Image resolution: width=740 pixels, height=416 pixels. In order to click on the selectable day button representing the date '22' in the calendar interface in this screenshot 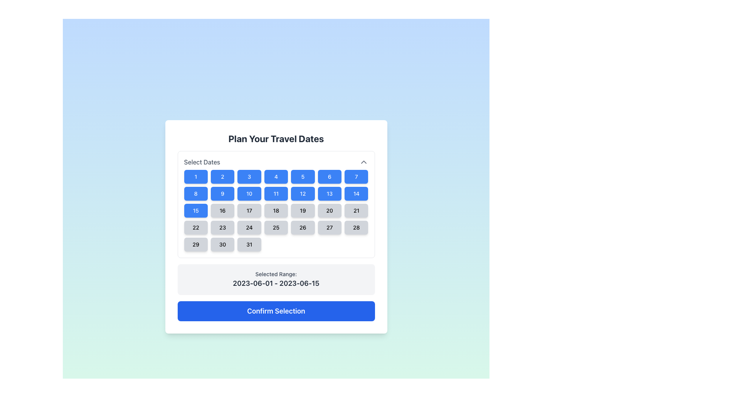, I will do `click(196, 227)`.